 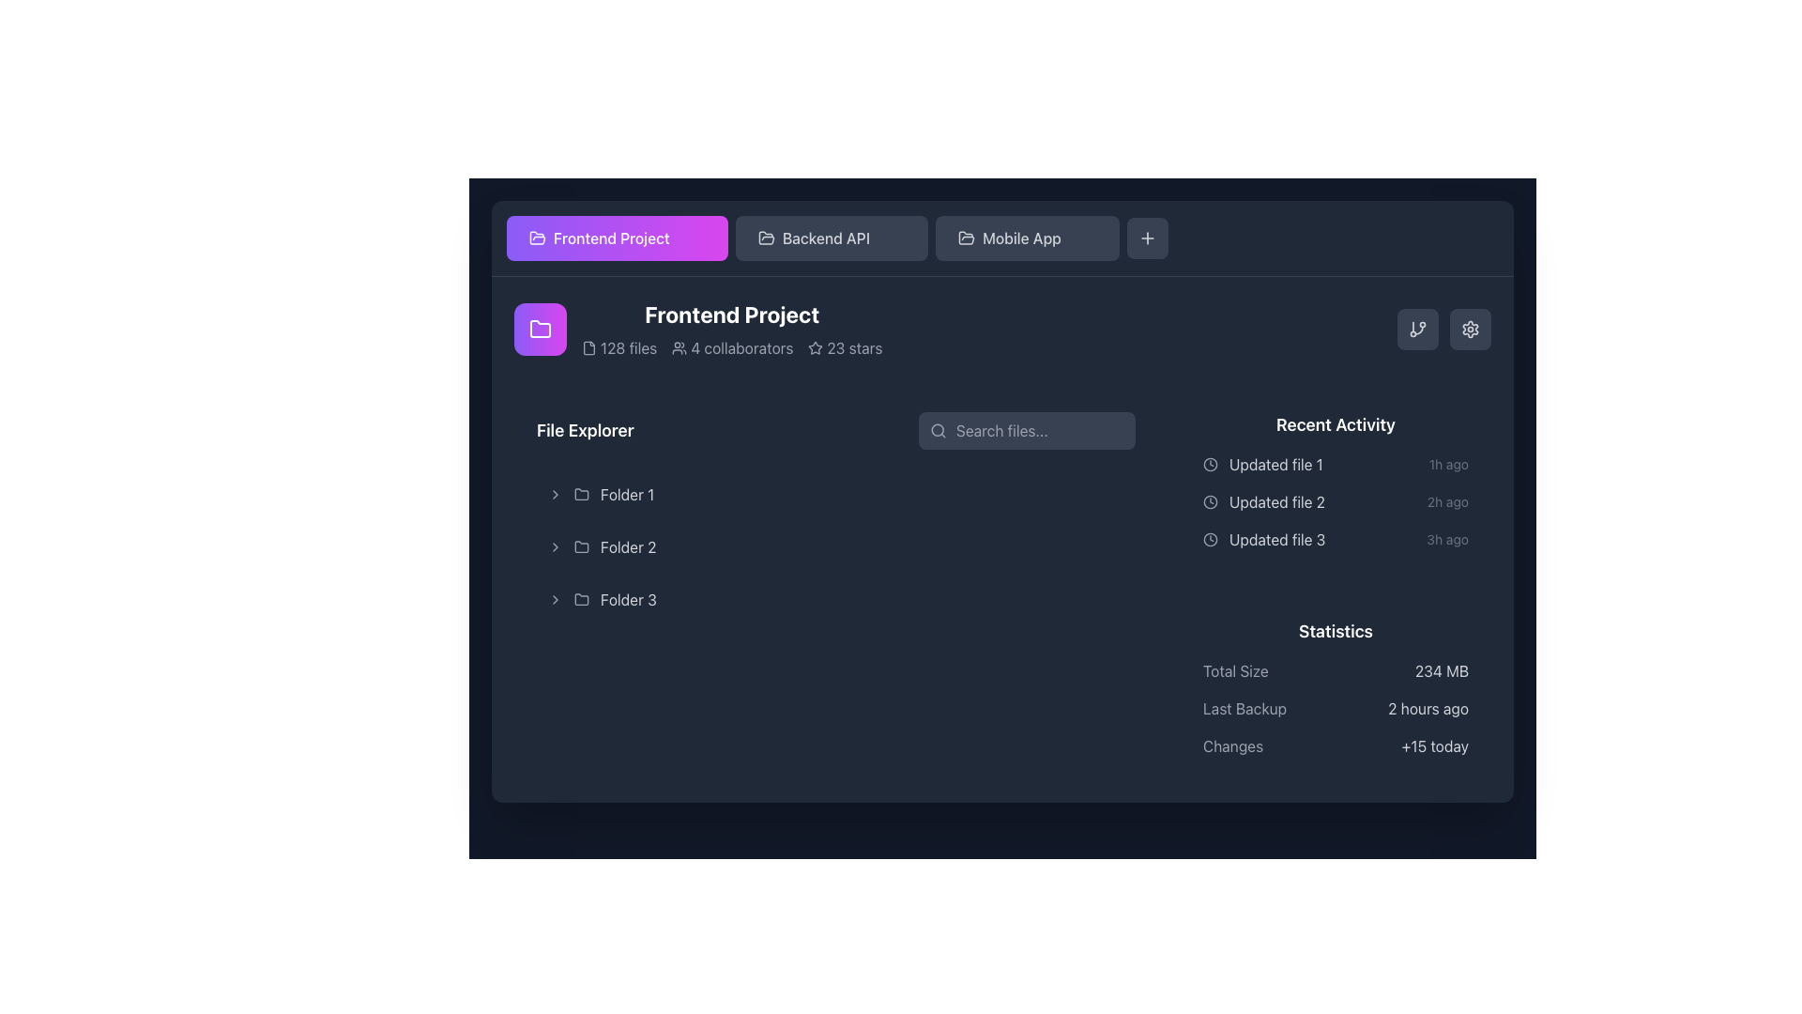 What do you see at coordinates (627, 494) in the screenshot?
I see `the 'Folder 1' text label in the left-side file explorer section` at bounding box center [627, 494].